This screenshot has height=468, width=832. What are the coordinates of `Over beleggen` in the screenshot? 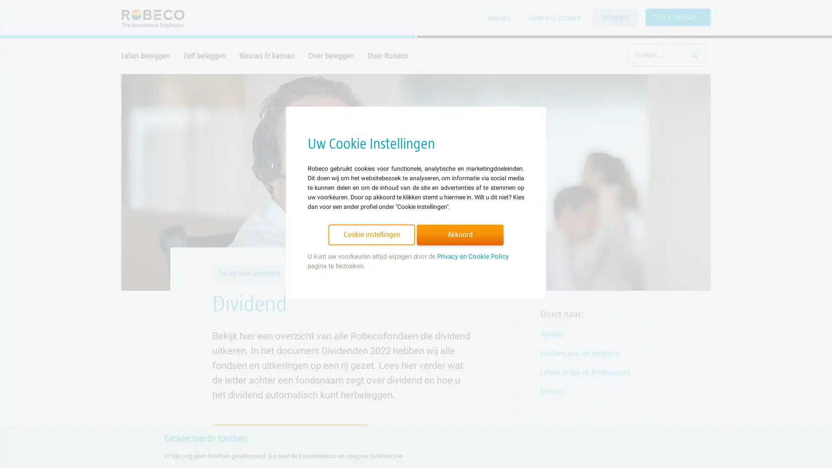 It's located at (331, 55).